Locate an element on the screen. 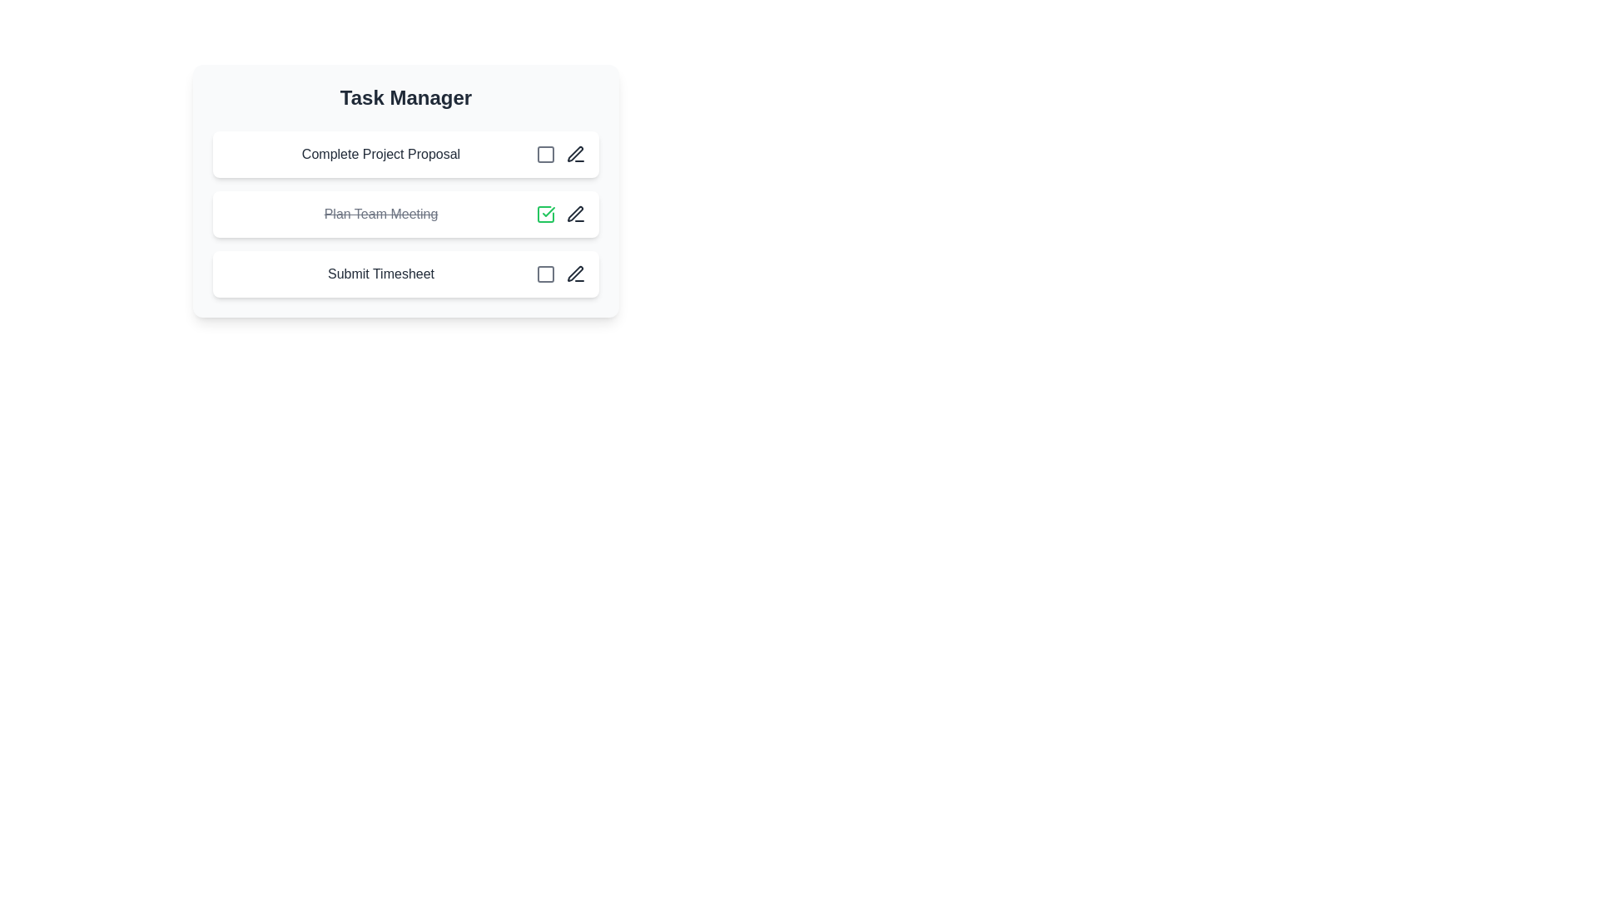  the Static Text Label displaying 'Complete Project Proposal' located in the first task entry of the Task Manager is located at coordinates (380, 154).